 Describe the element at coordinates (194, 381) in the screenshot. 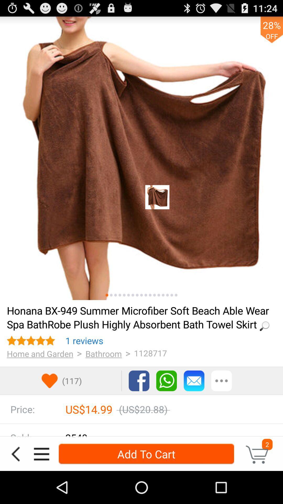

I see `share item by email` at that location.